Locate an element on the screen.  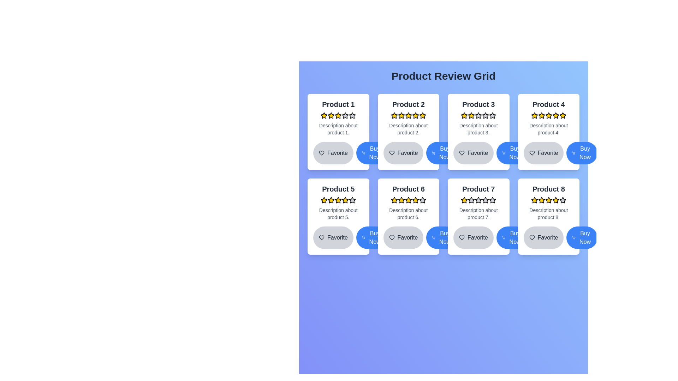
the heart icon within the 'Favorite' button located in the top-right corner of the 'Product 4' card is located at coordinates (532, 153).